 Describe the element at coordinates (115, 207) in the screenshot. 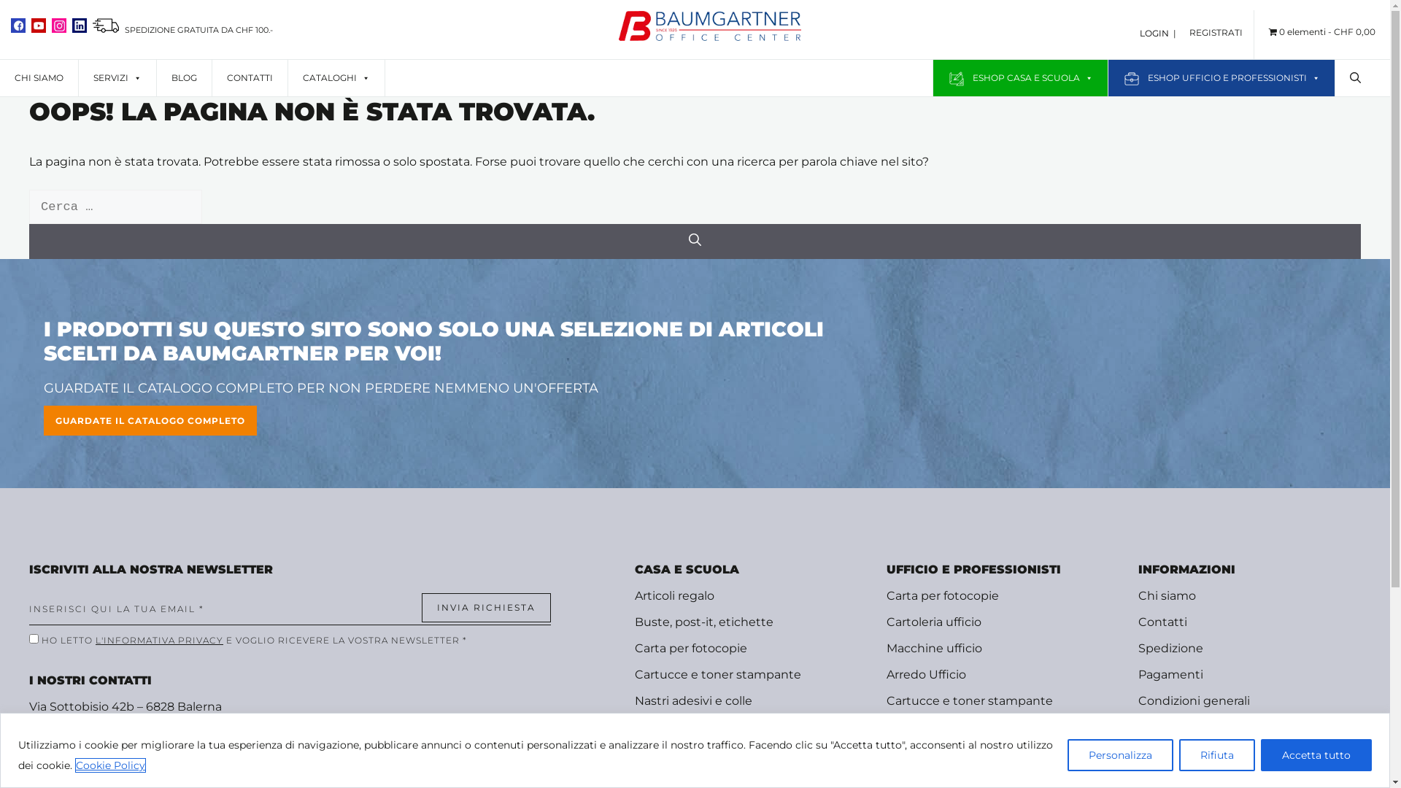

I see `'Ricerca per:'` at that location.